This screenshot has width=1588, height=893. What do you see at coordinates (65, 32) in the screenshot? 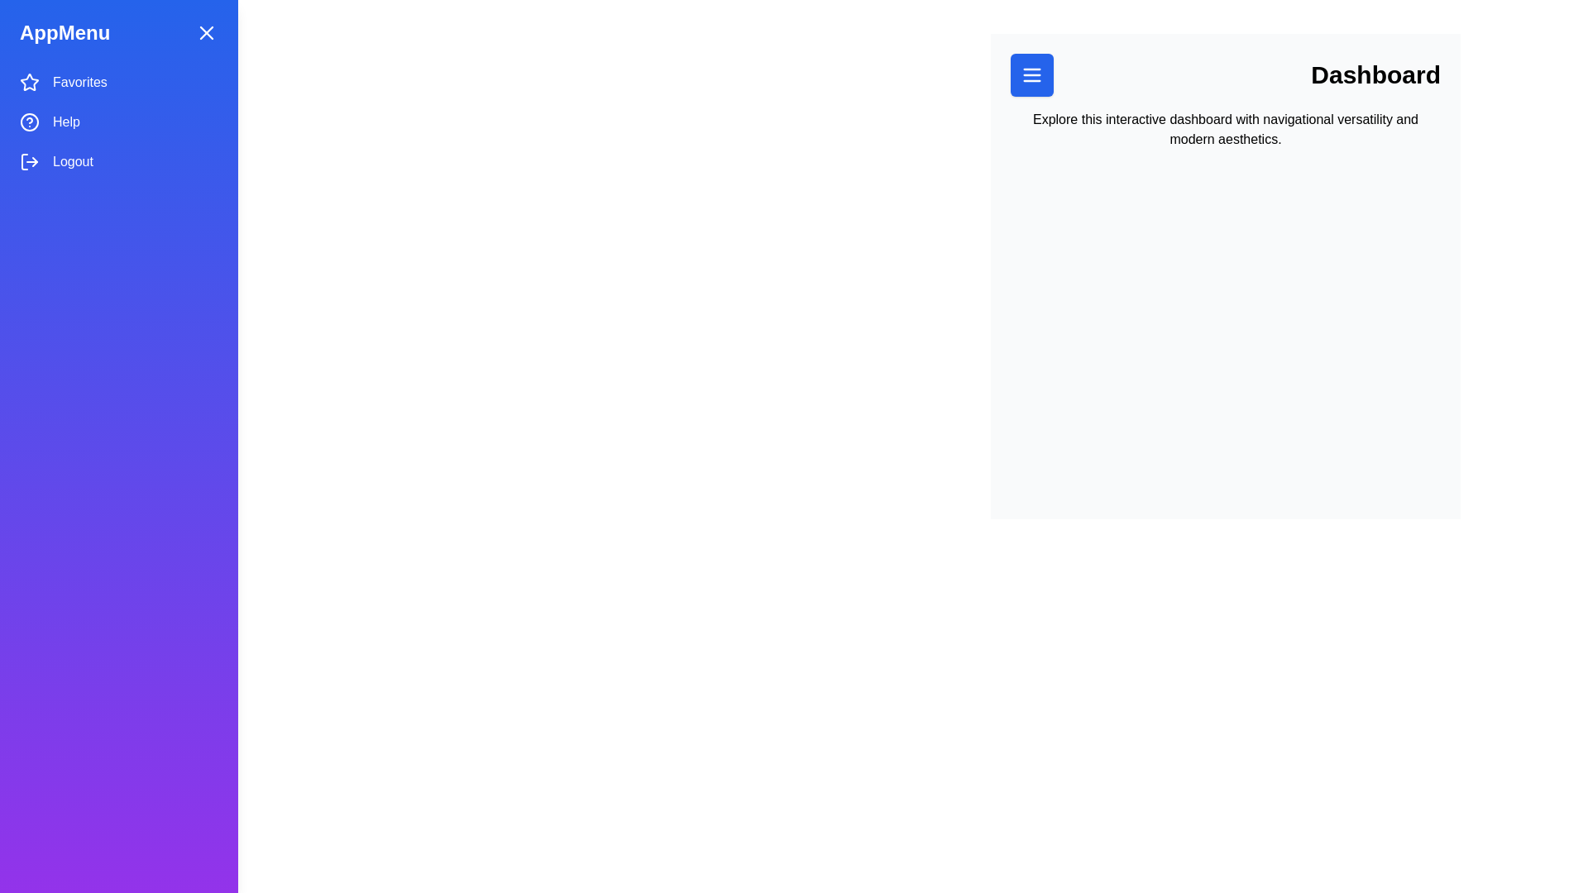
I see `the 'AppMenu' text label, which is a bold, prominently sized label located at the top left corner of a sidebar with a gradient blue background` at bounding box center [65, 32].